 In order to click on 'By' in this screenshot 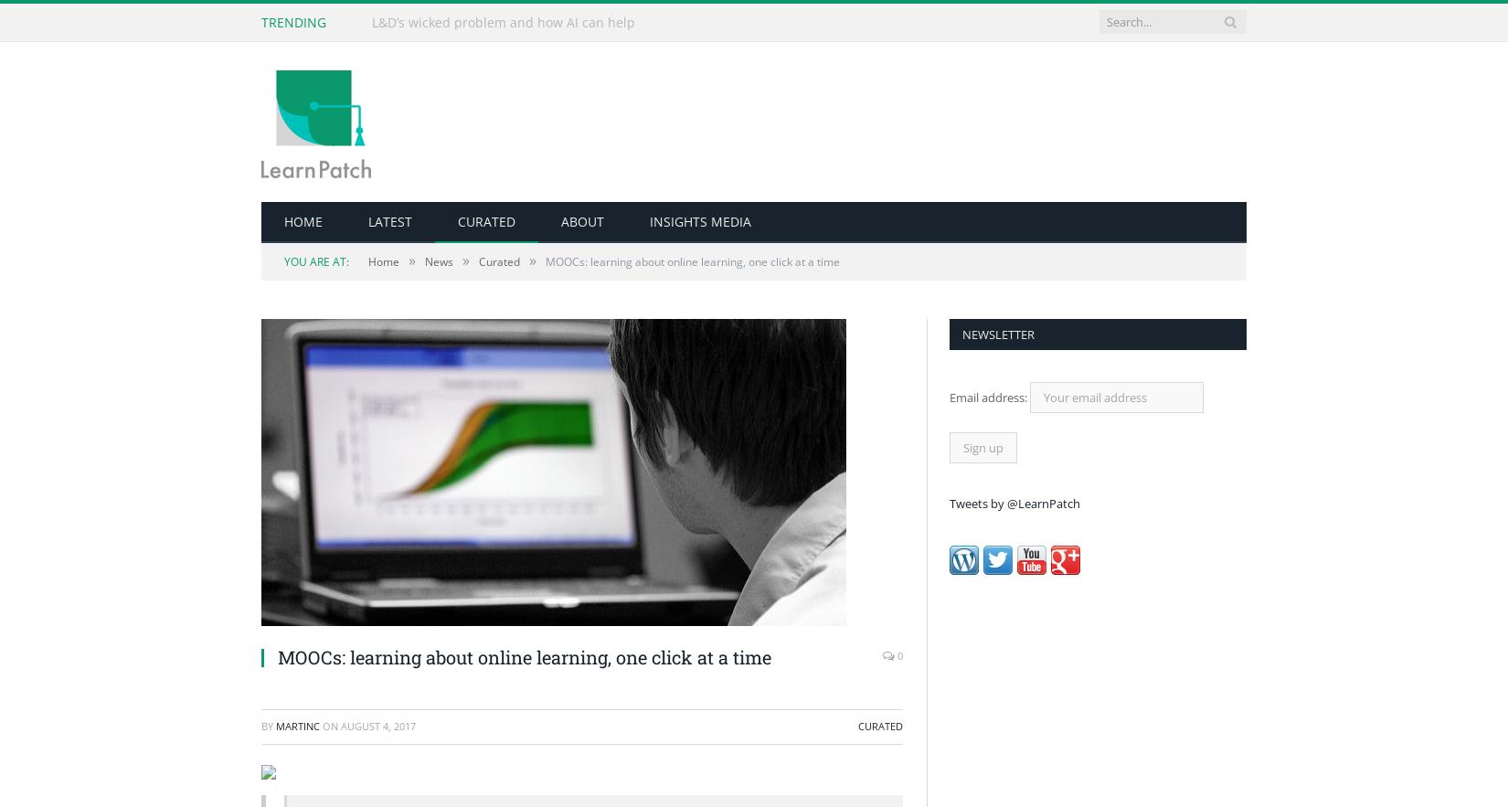, I will do `click(269, 725)`.